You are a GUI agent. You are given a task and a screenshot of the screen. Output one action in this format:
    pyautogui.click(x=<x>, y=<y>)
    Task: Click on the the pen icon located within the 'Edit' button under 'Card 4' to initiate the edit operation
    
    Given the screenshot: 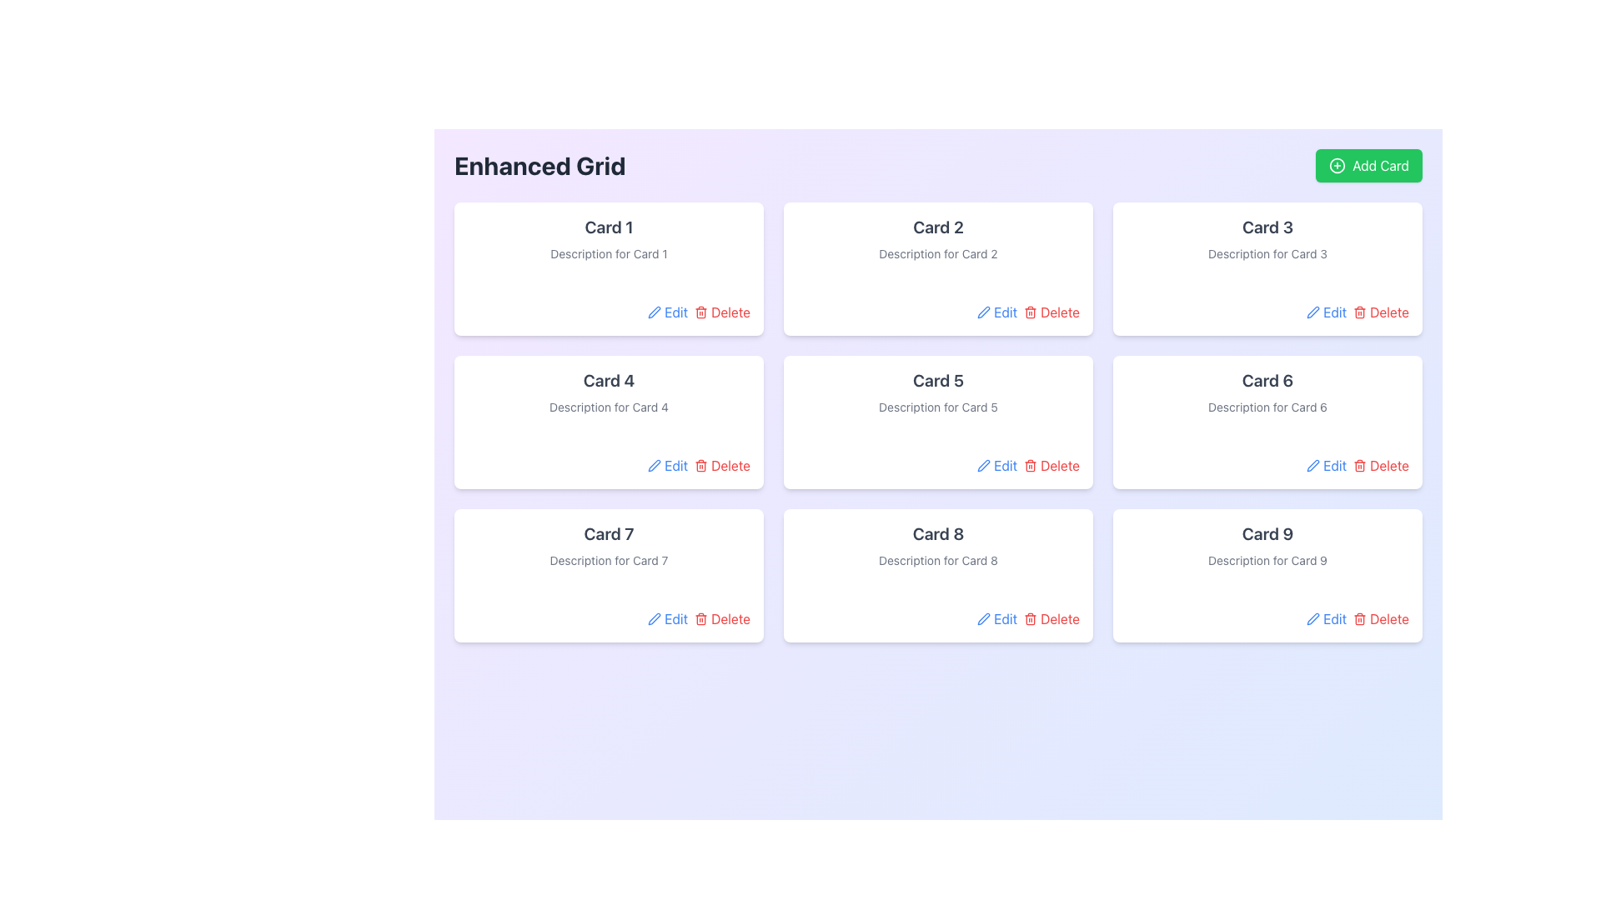 What is the action you would take?
    pyautogui.click(x=654, y=466)
    